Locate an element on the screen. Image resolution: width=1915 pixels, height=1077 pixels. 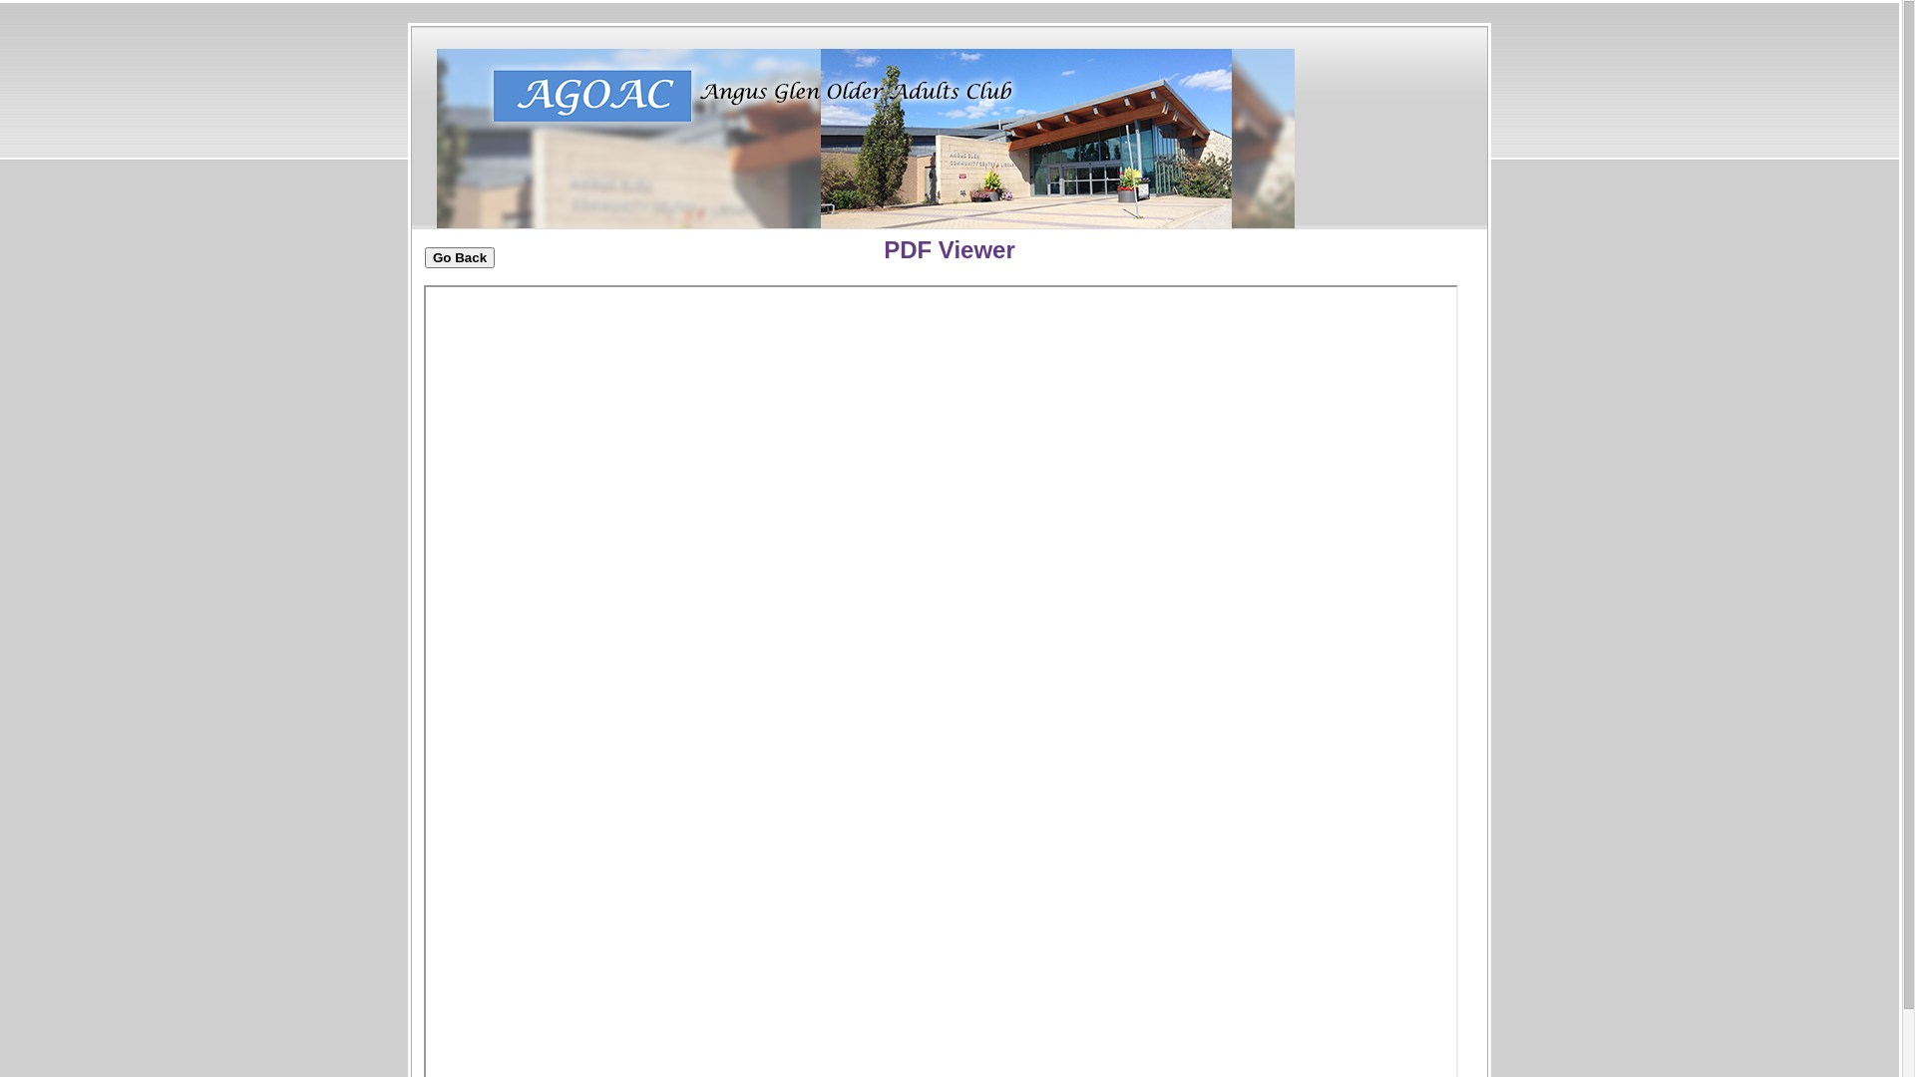
'Go Back' is located at coordinates (458, 256).